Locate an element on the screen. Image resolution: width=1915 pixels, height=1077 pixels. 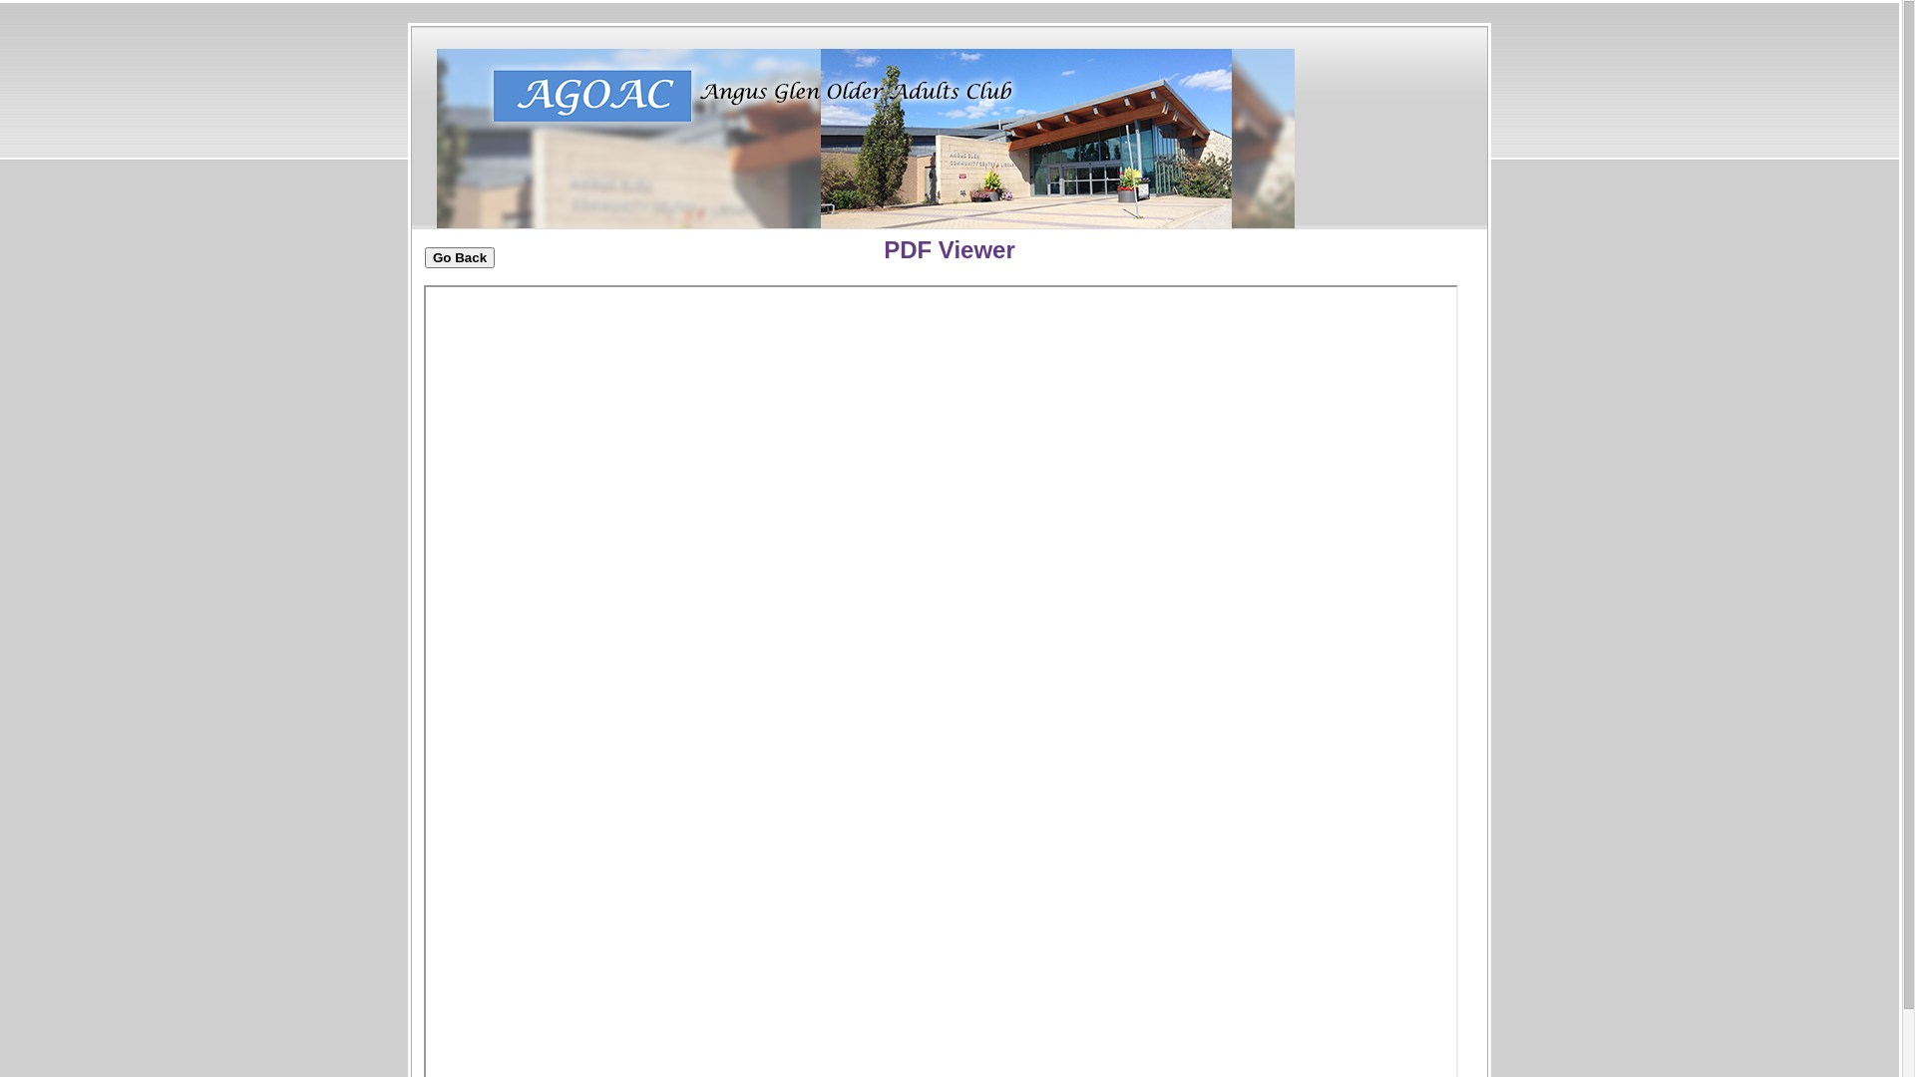
'Go Back' is located at coordinates (458, 256).